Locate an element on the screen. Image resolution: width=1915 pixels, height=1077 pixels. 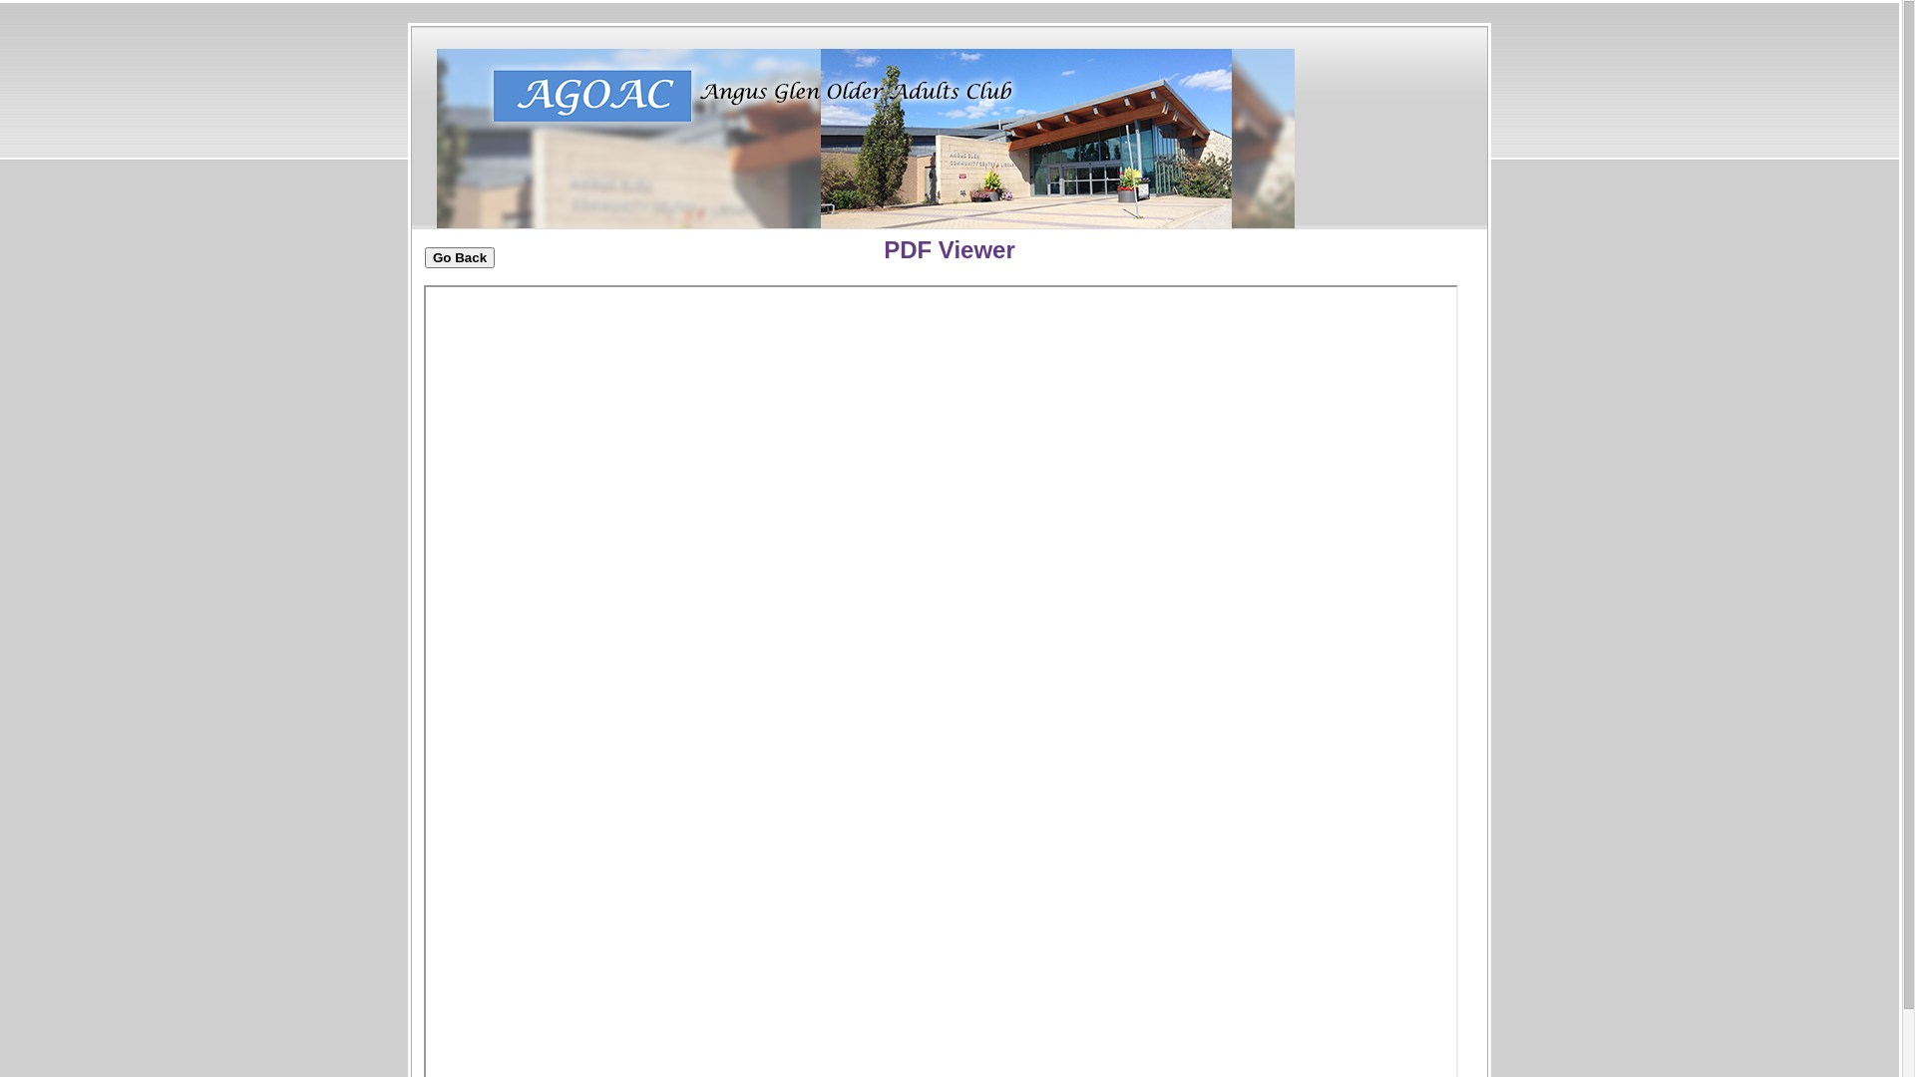
'Go Back' is located at coordinates (458, 256).